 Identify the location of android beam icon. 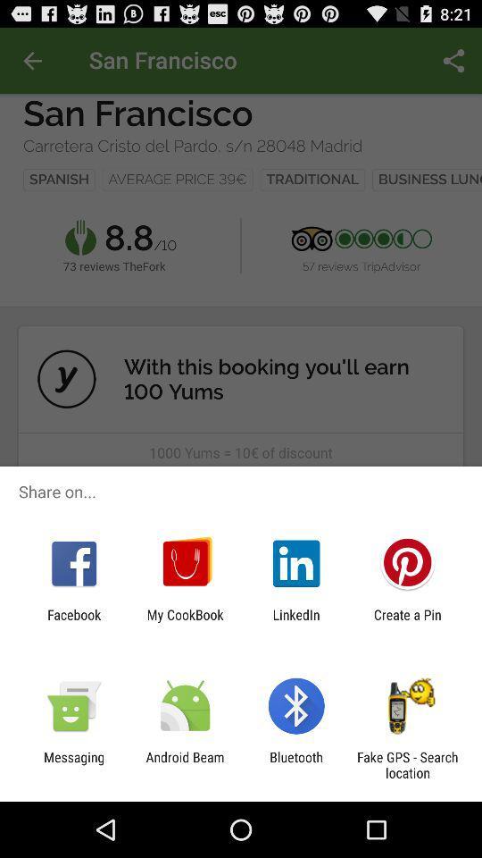
(184, 764).